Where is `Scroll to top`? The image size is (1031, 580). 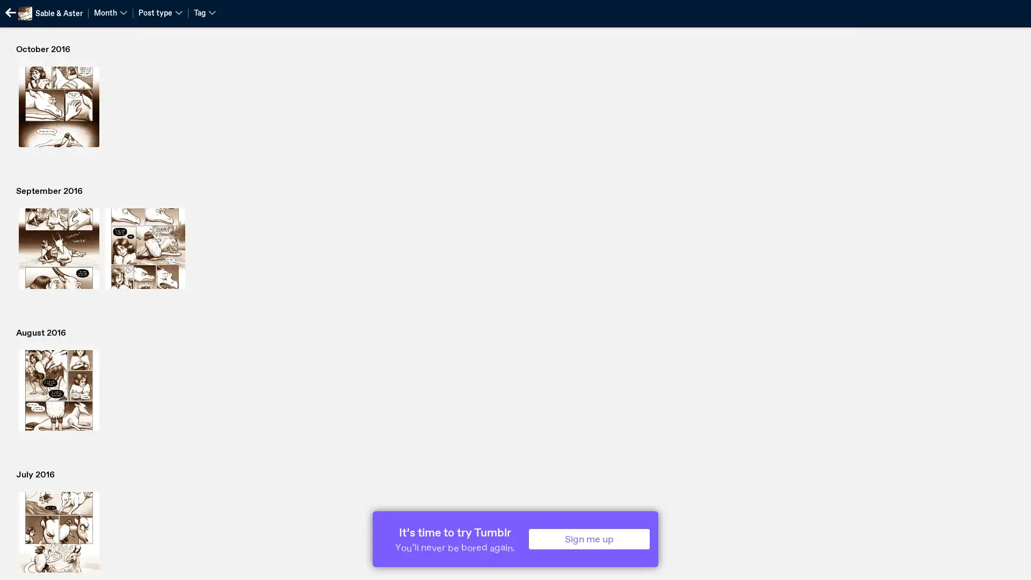
Scroll to top is located at coordinates (1010, 568).